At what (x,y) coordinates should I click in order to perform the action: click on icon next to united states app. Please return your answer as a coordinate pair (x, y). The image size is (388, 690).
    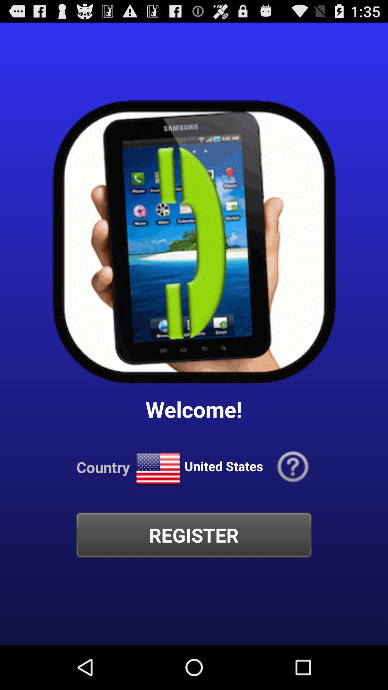
    Looking at the image, I should click on (293, 467).